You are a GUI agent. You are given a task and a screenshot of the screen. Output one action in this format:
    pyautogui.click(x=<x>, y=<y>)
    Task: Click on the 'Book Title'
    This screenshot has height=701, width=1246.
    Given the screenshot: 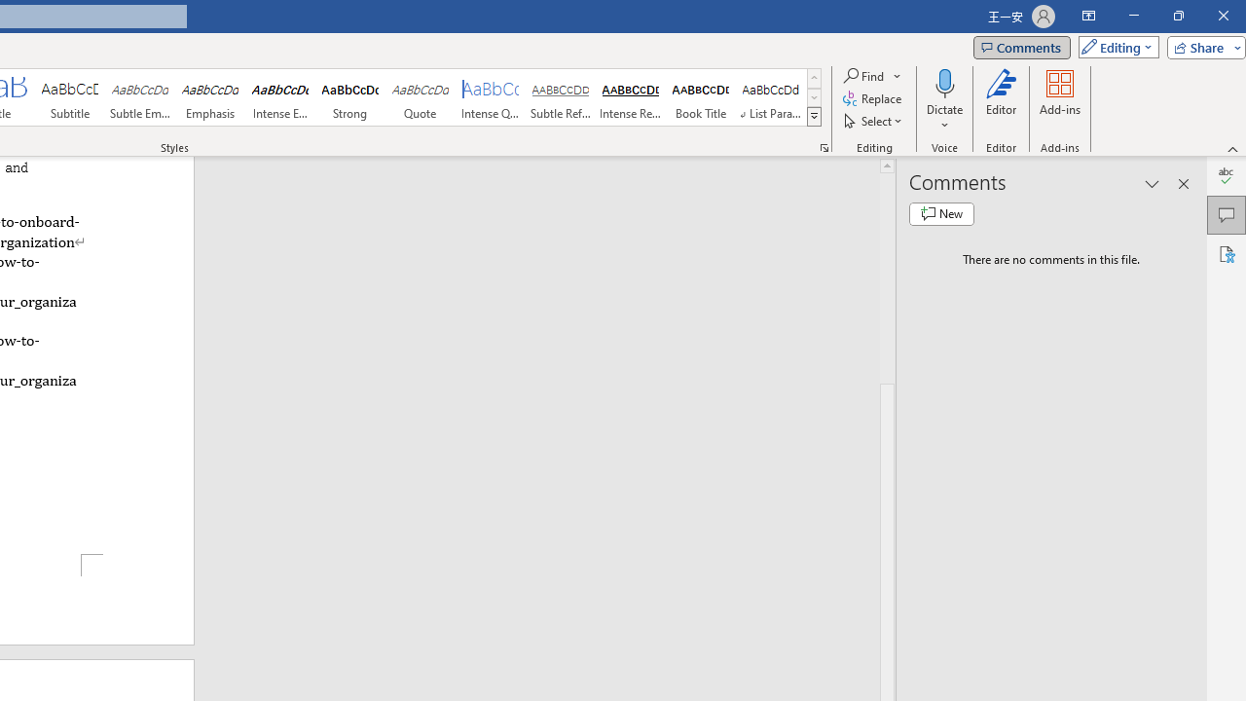 What is the action you would take?
    pyautogui.click(x=701, y=97)
    